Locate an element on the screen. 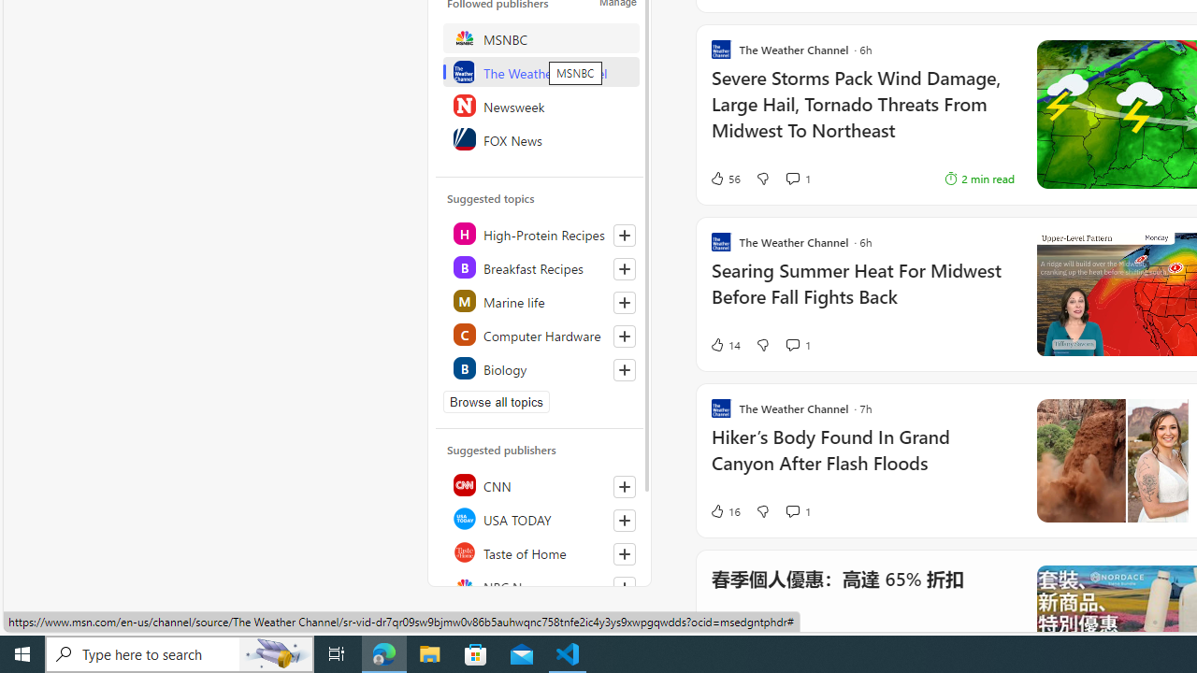 This screenshot has height=673, width=1197. '56 Like' is located at coordinates (724, 179).